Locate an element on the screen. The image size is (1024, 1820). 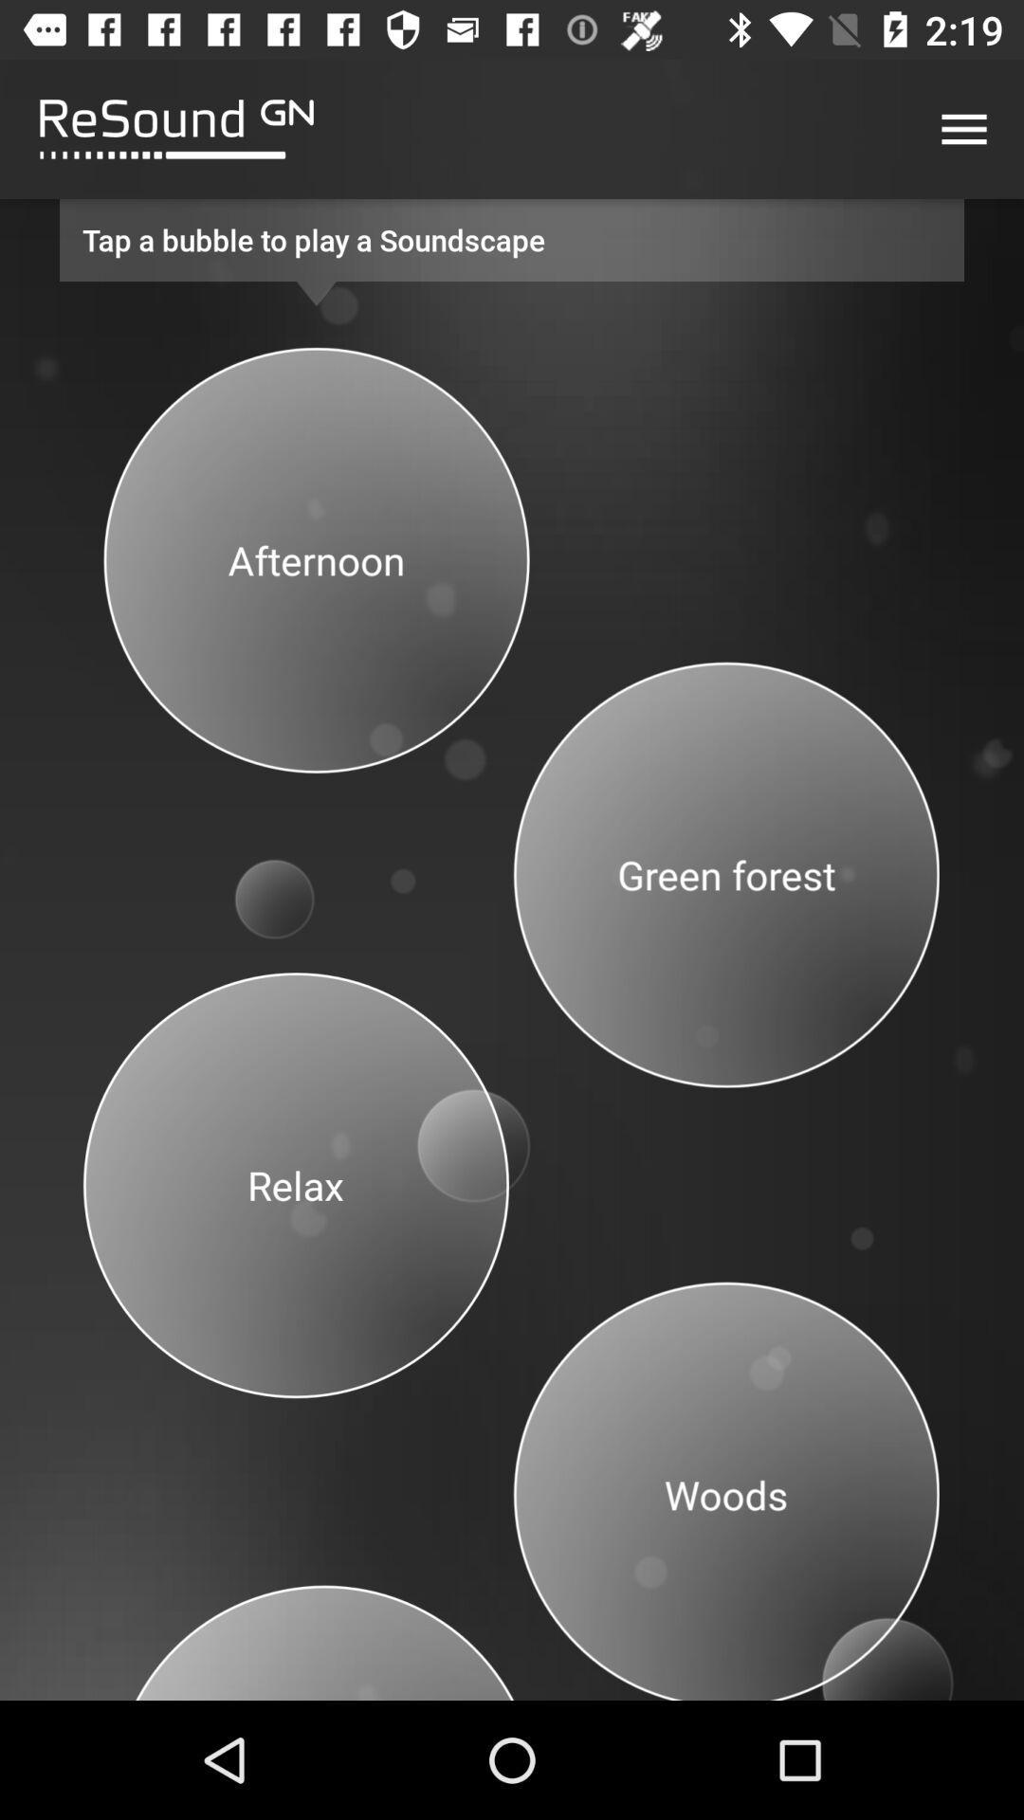
menu button is located at coordinates (964, 129).